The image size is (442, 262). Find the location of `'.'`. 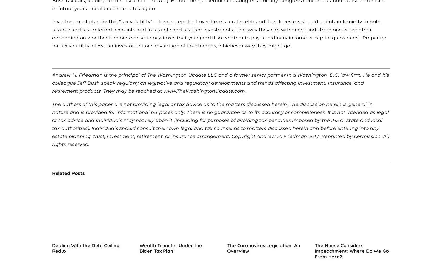

'.' is located at coordinates (245, 90).